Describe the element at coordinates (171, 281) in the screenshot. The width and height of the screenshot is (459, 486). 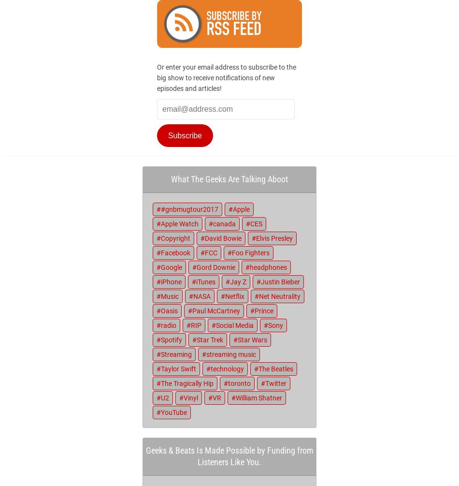
I see `'iPhone'` at that location.